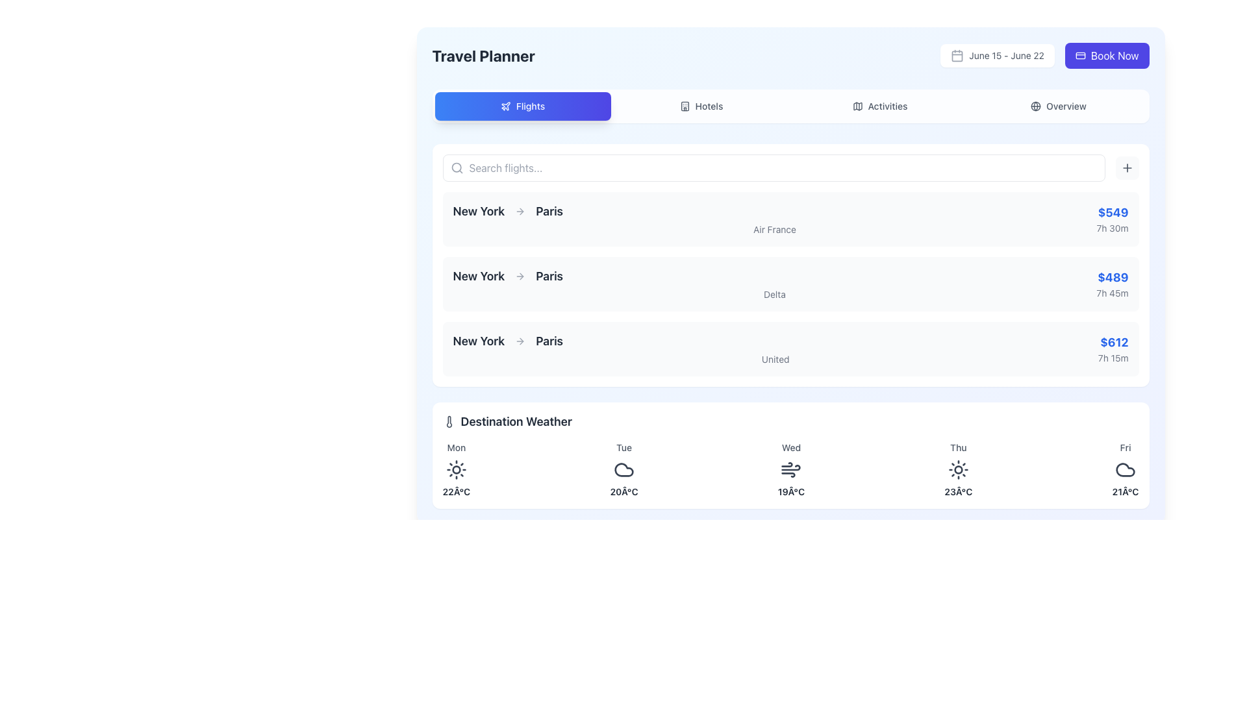 This screenshot has width=1247, height=701. I want to click on the weather condition icon (SVG) representing cloudy weather for Tuesday, which is positioned below the text 'Tue' and above '20°C', so click(623, 470).